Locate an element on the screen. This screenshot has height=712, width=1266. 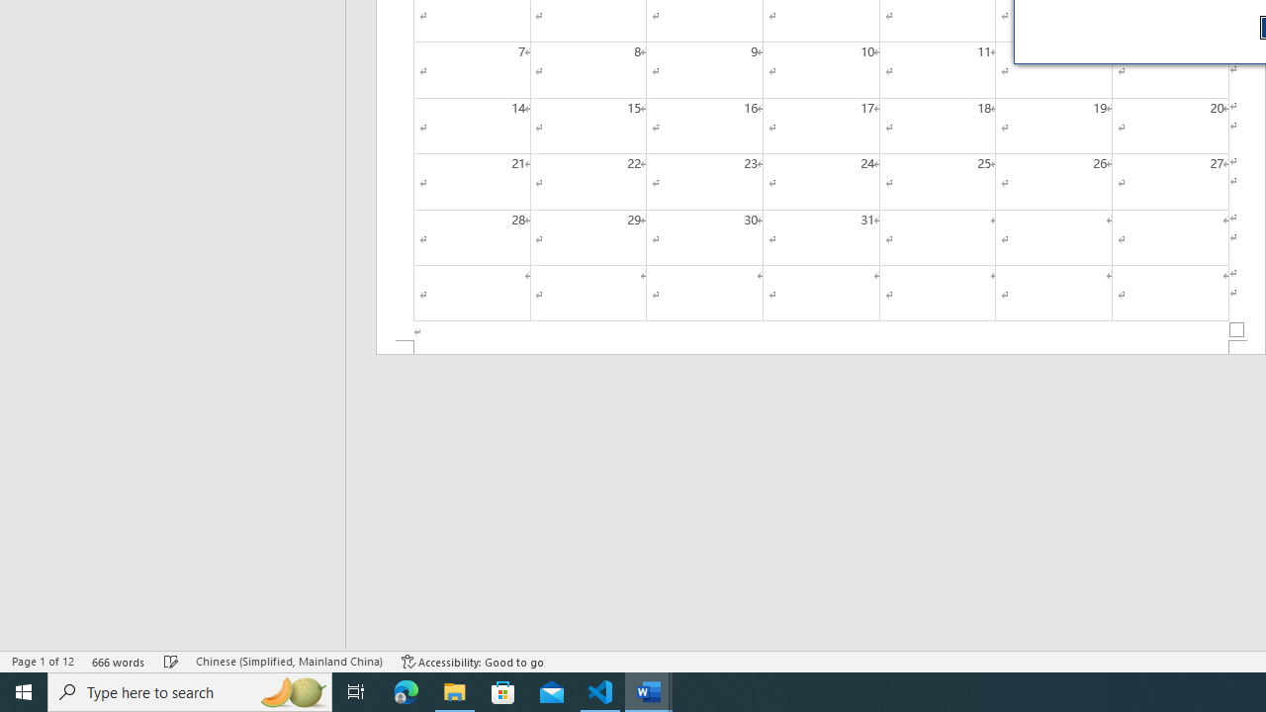
'Type here to search' is located at coordinates (190, 690).